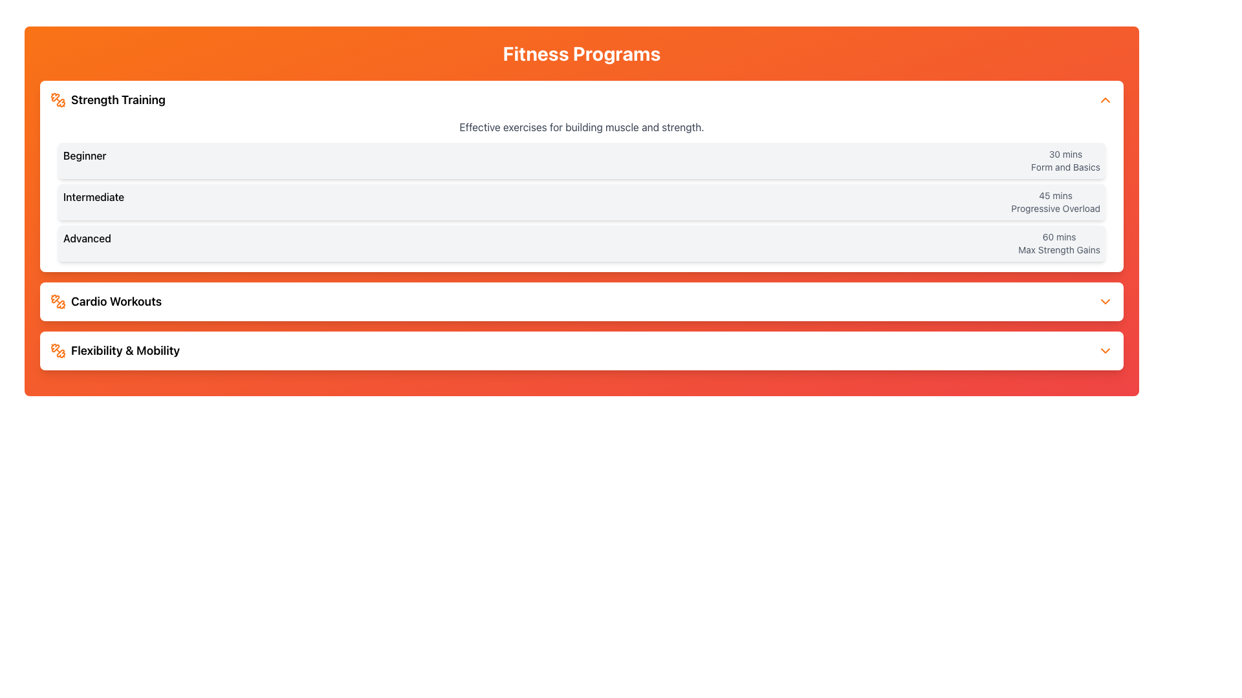 The height and width of the screenshot is (698, 1242). What do you see at coordinates (1065, 166) in the screenshot?
I see `the text label element that provides supplementary description for the '30 mins' information in the 'Strength Training' category, located at the bottom-right side of the associated list item card` at bounding box center [1065, 166].